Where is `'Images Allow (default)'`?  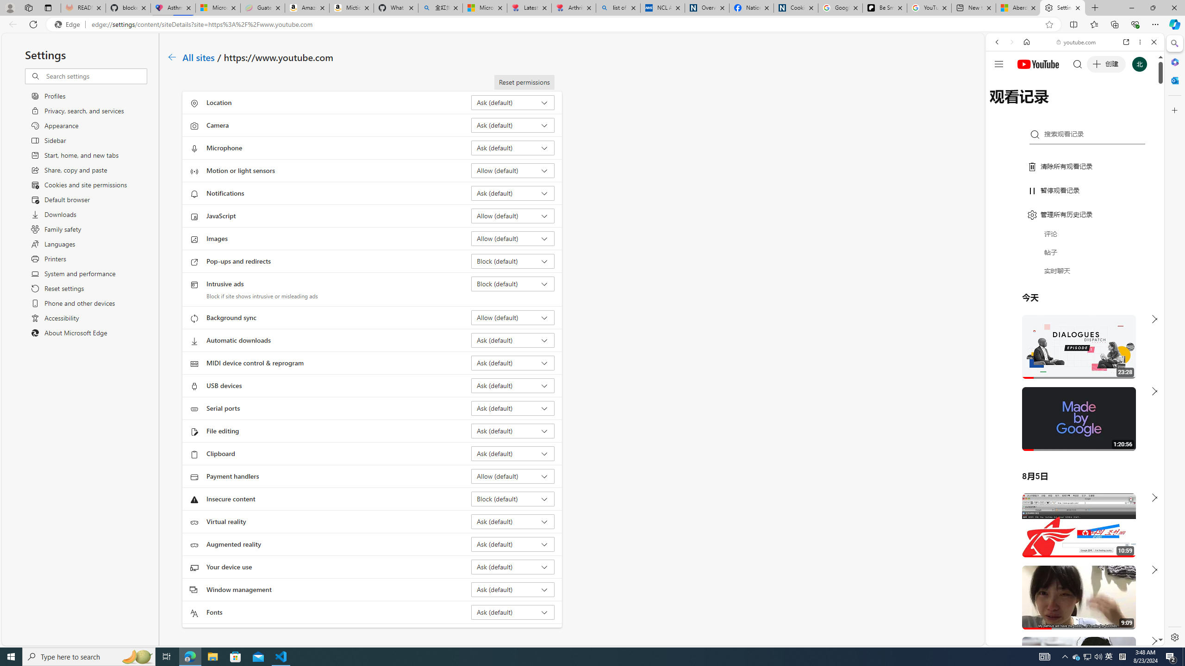 'Images Allow (default)' is located at coordinates (513, 238).